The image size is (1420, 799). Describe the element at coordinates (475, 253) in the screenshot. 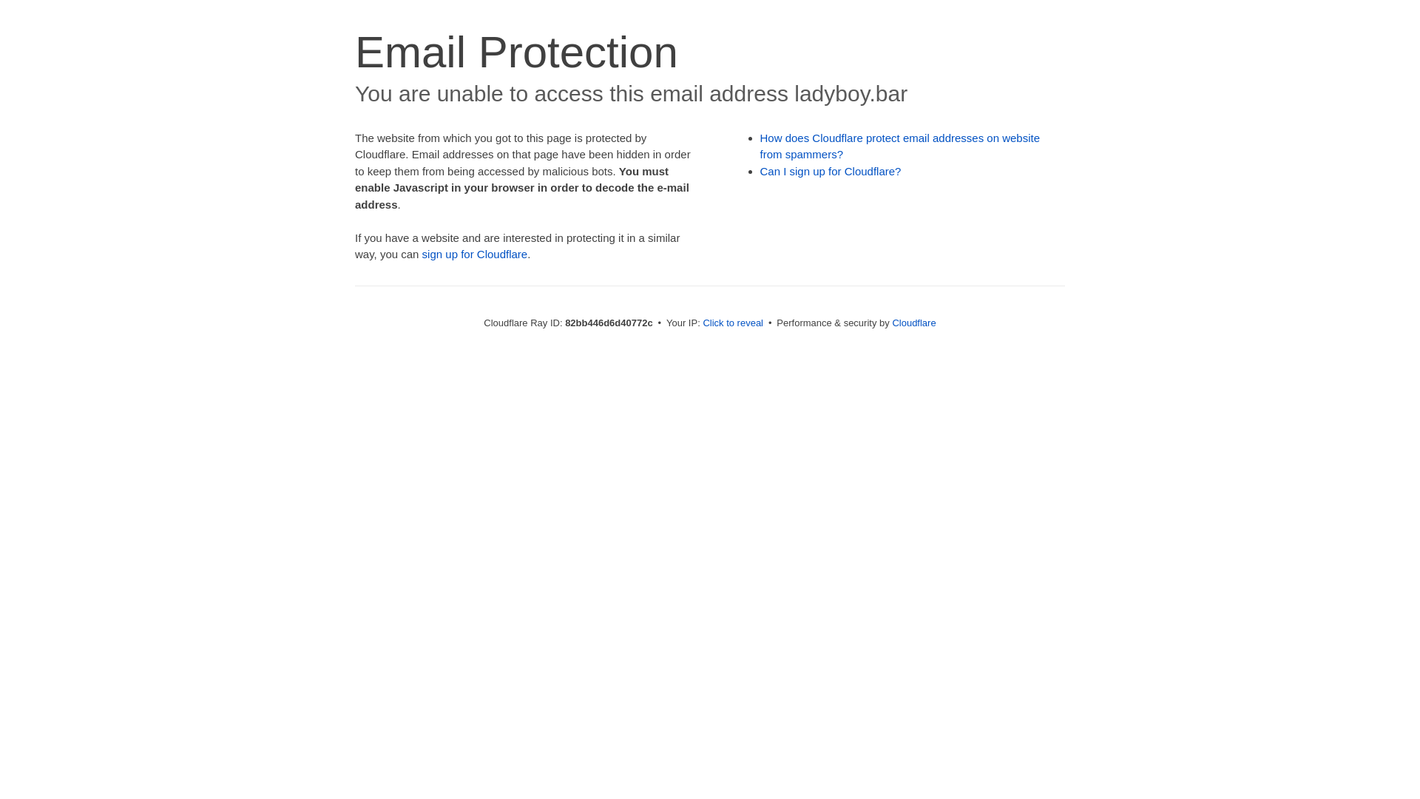

I see `'sign up for Cloudflare'` at that location.